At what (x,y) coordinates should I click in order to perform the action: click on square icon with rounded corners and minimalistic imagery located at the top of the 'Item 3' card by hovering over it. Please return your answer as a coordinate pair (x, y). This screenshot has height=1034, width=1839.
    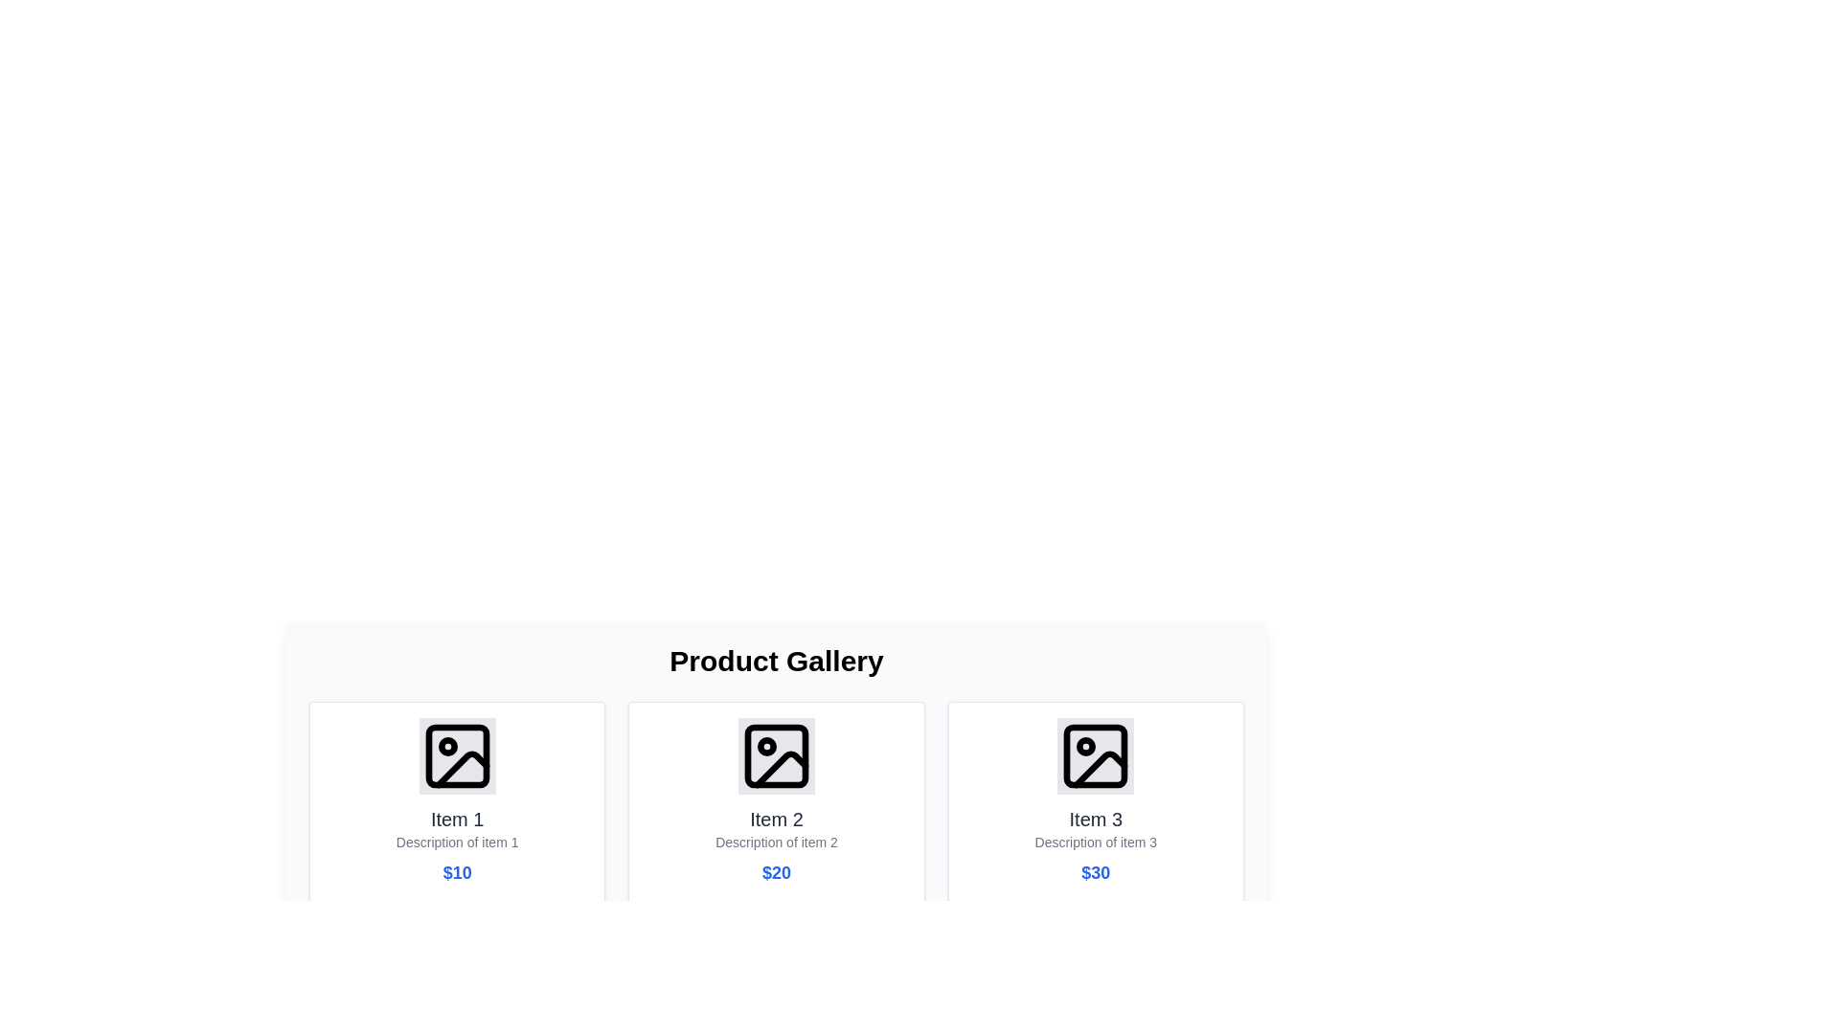
    Looking at the image, I should click on (1096, 755).